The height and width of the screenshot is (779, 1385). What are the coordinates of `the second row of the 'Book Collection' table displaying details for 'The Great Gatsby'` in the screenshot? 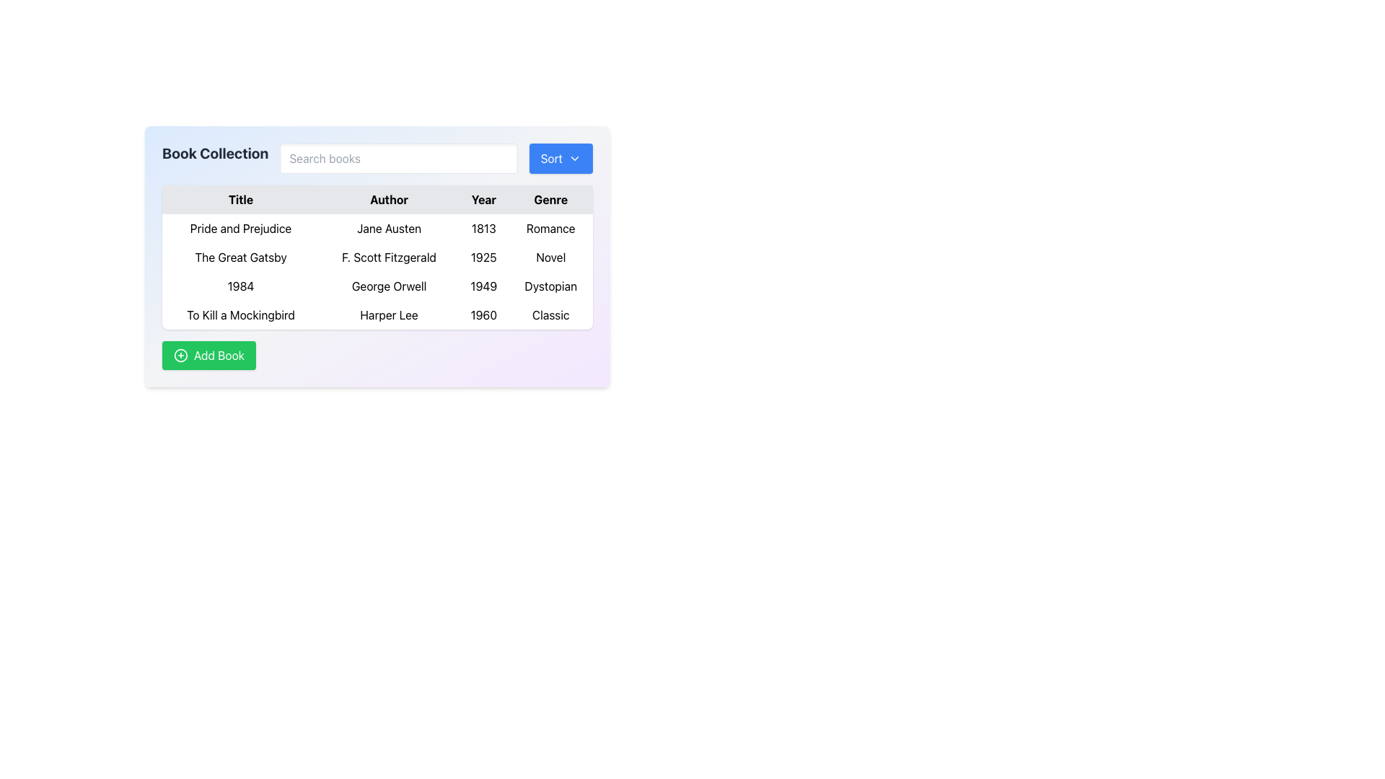 It's located at (377, 257).